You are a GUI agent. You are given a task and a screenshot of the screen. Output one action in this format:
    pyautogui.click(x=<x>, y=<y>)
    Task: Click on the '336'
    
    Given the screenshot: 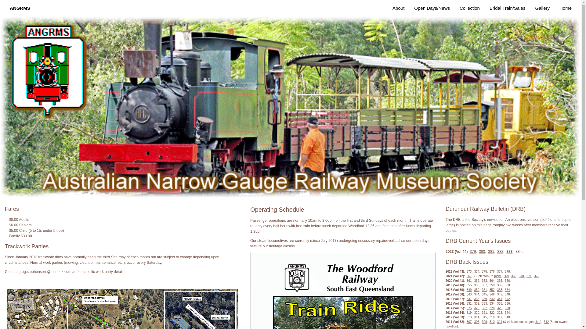 What is the action you would take?
    pyautogui.click(x=507, y=303)
    